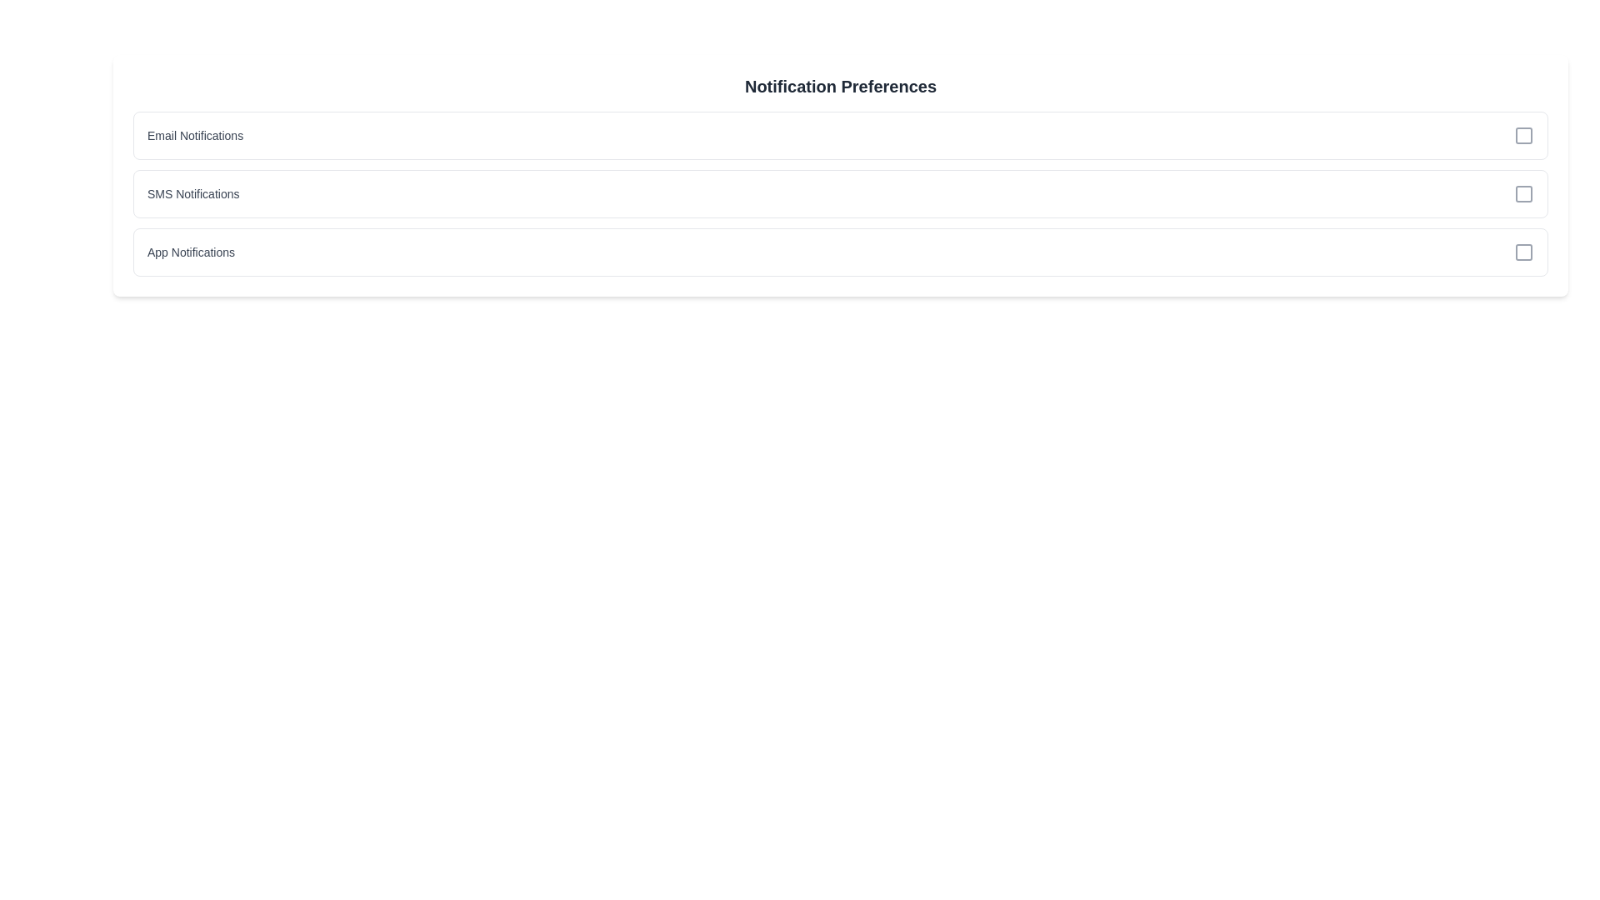 The image size is (1600, 900). I want to click on the checkbox located at the far-right side of the 'App Notifications' row in the notification preferences list, so click(1523, 252).